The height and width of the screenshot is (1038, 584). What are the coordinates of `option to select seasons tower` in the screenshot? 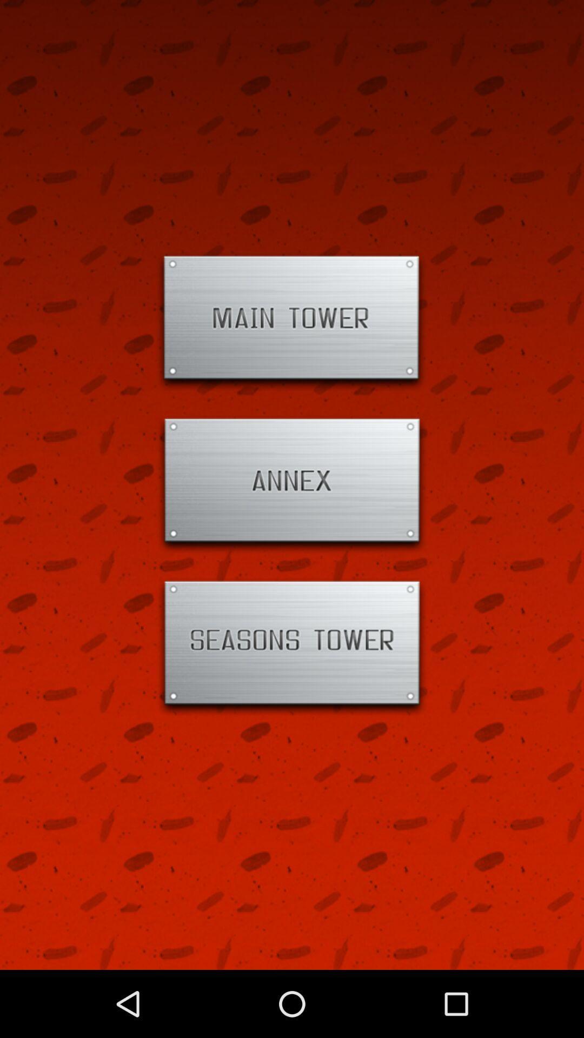 It's located at (292, 647).